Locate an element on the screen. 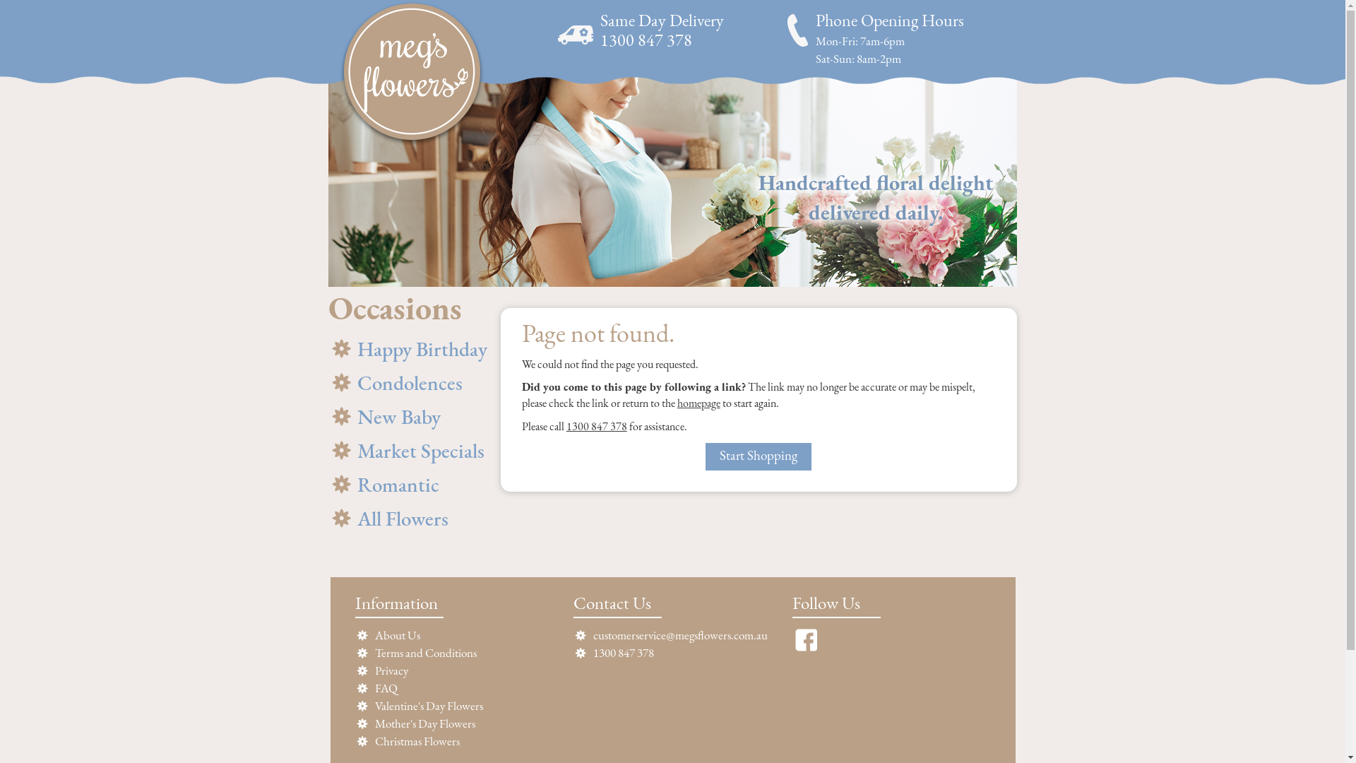  'Privacy' is located at coordinates (374, 670).